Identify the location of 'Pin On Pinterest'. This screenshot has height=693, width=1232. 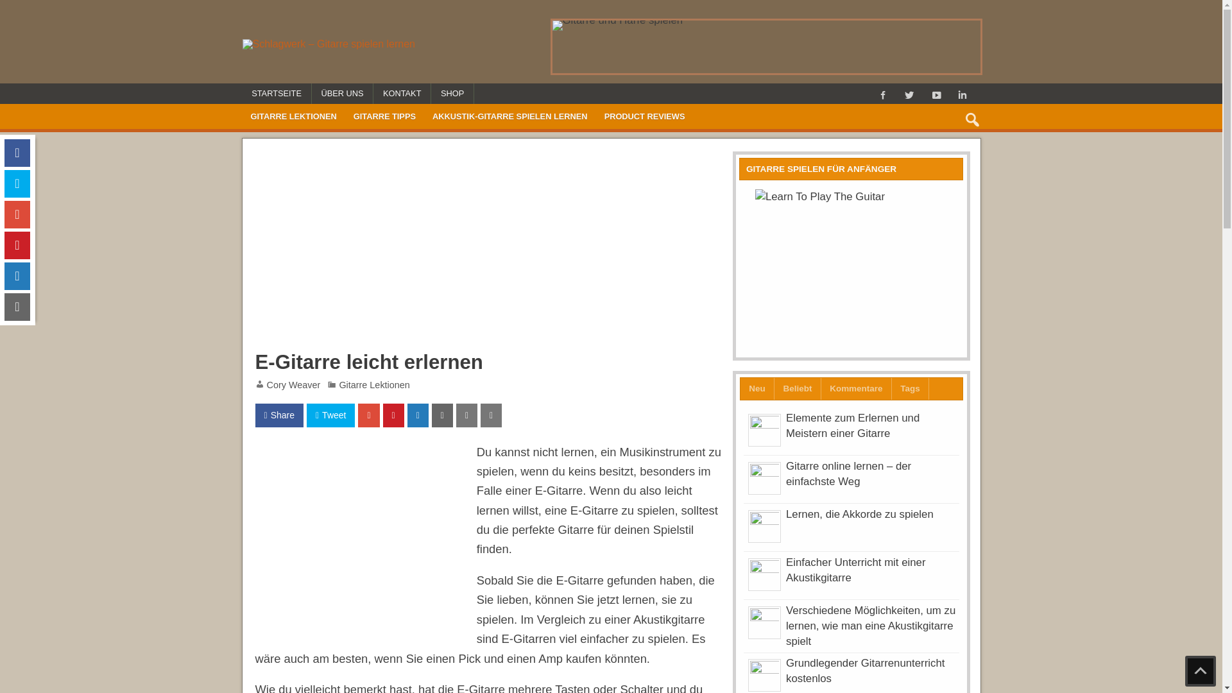
(17, 245).